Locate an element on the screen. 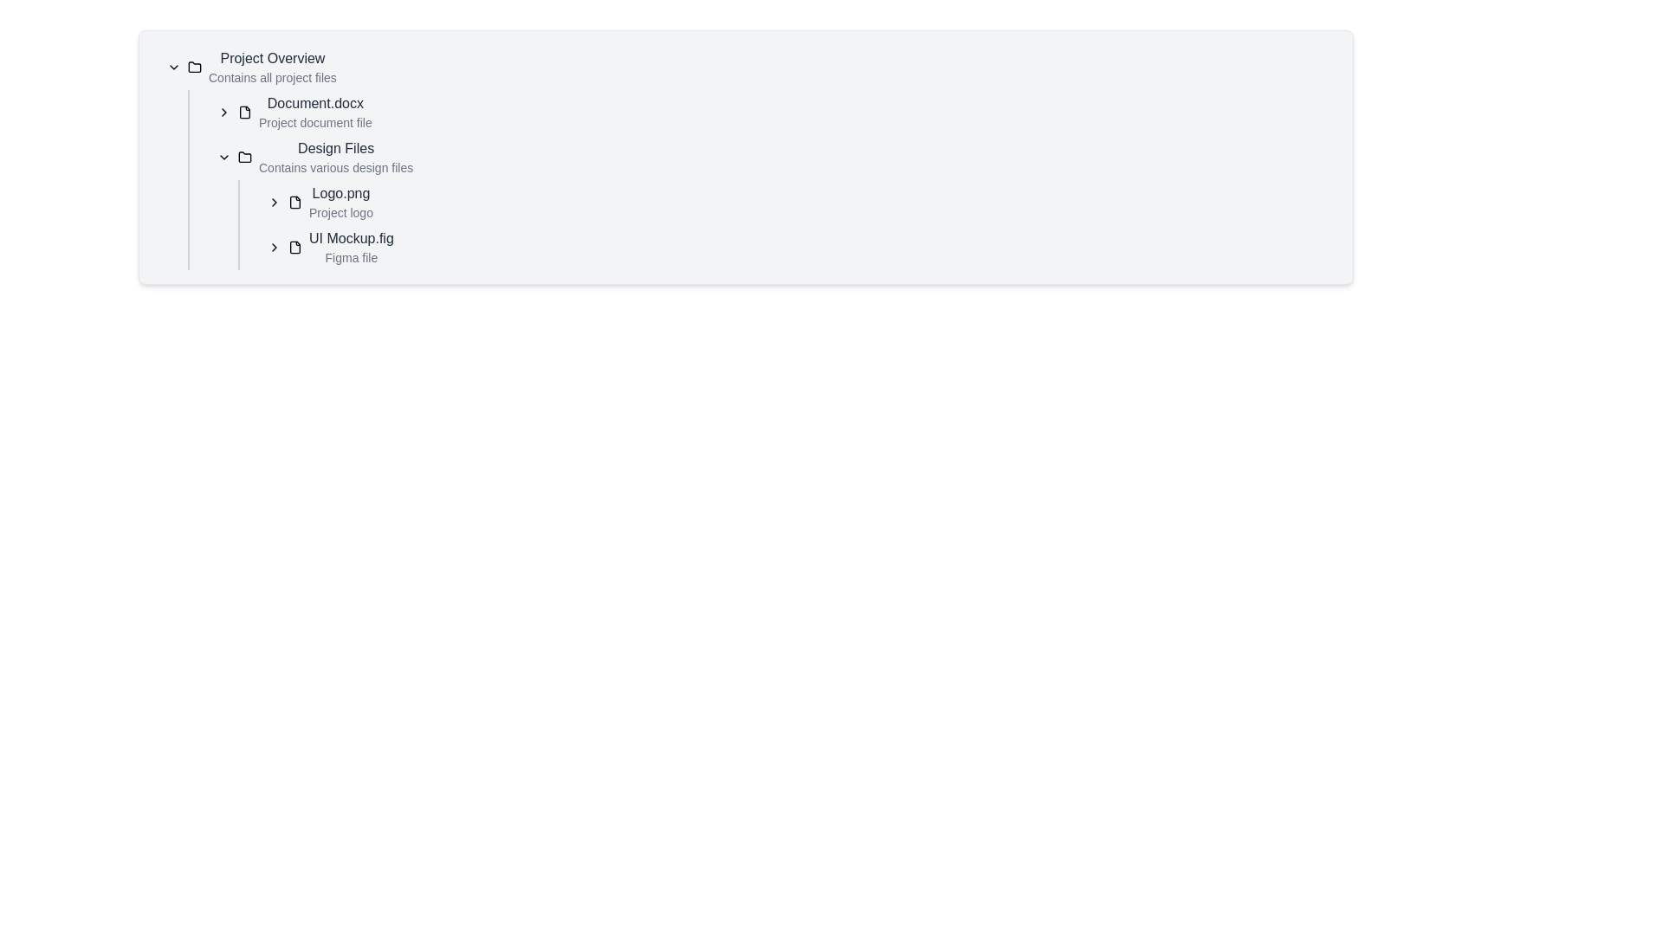 This screenshot has height=935, width=1663. the SVG graphical element representing the 'Logo.png' file icon in the 'Design Files' section of the file tree view is located at coordinates (294, 202).